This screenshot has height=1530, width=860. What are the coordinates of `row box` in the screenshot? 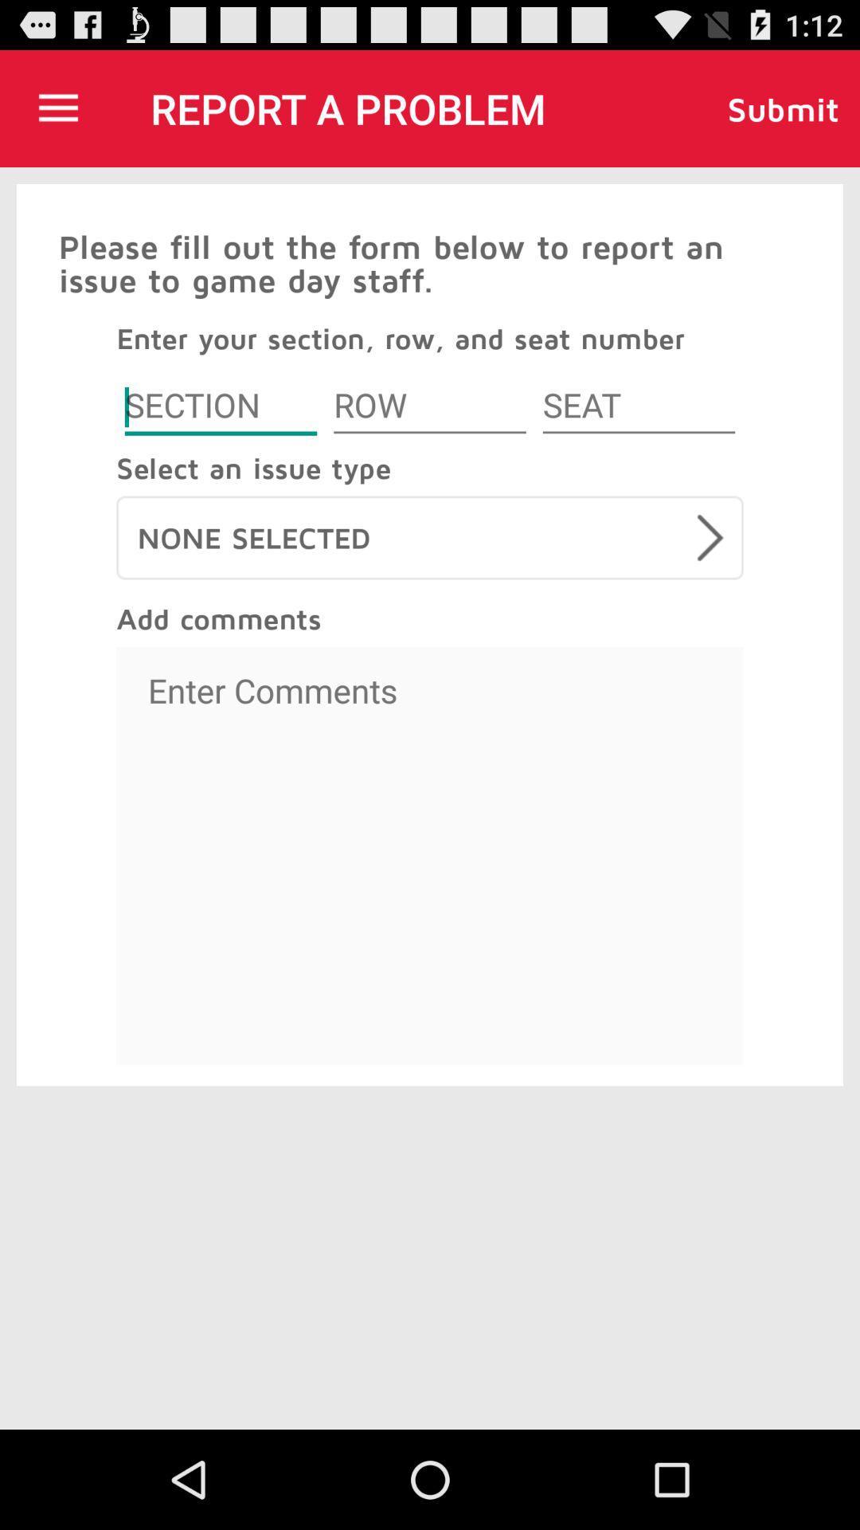 It's located at (430, 408).